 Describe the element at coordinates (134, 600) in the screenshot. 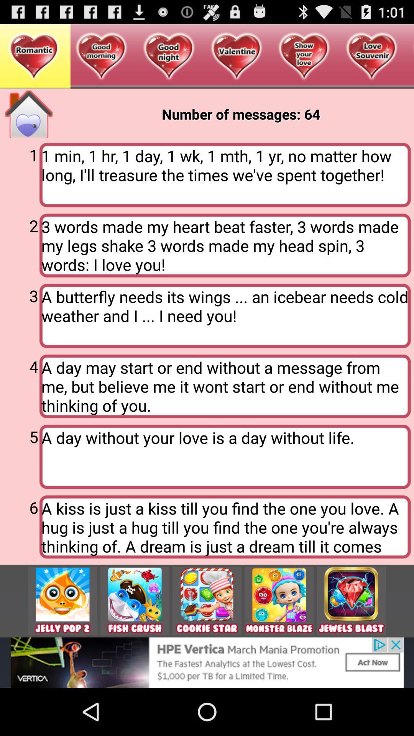

I see `advertisement website` at that location.